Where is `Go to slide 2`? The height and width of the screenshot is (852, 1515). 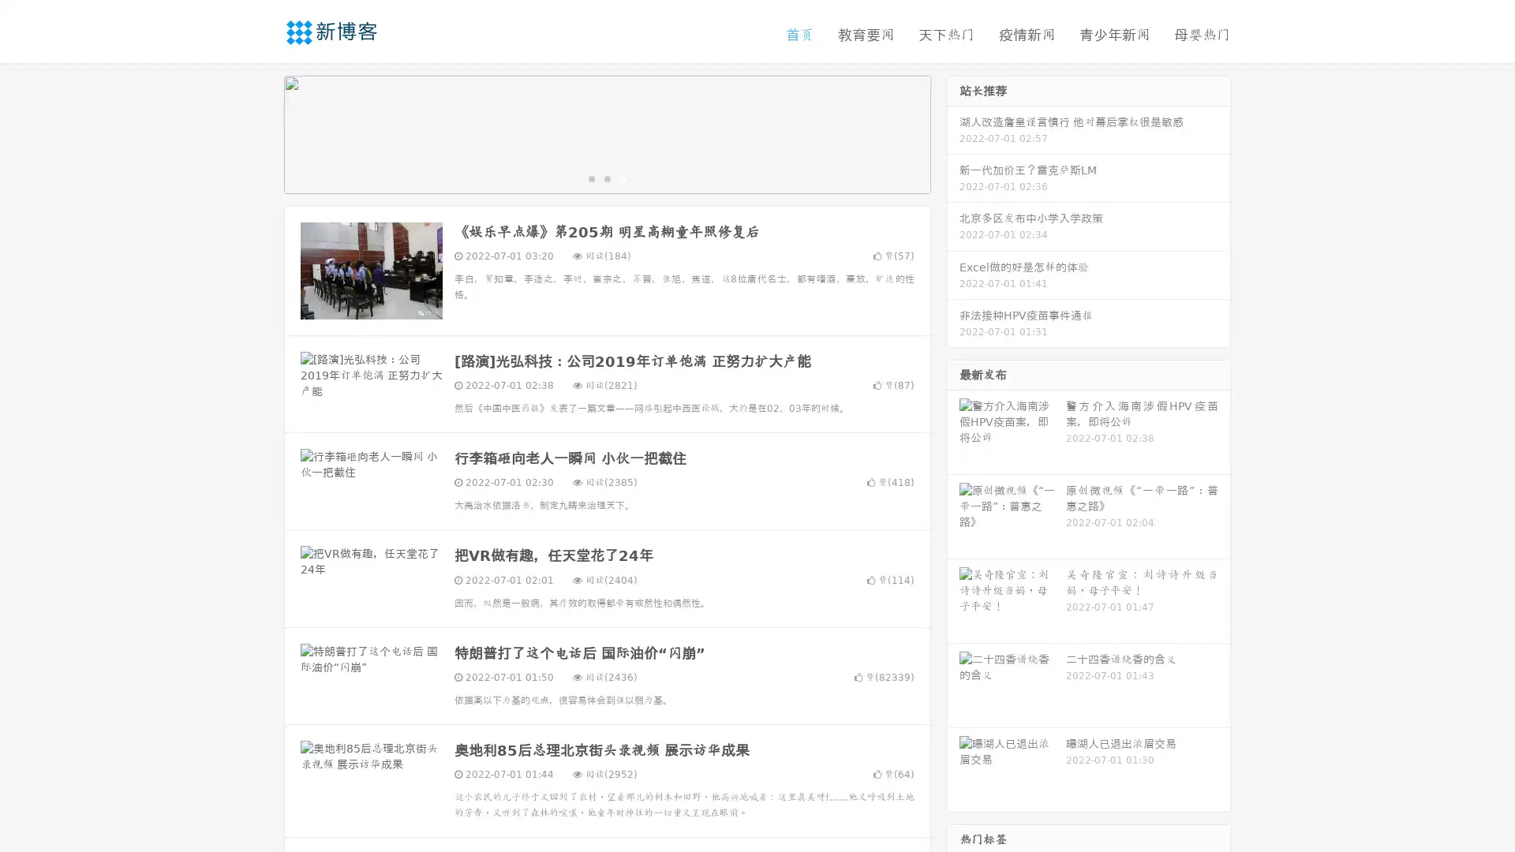
Go to slide 2 is located at coordinates (606, 177).